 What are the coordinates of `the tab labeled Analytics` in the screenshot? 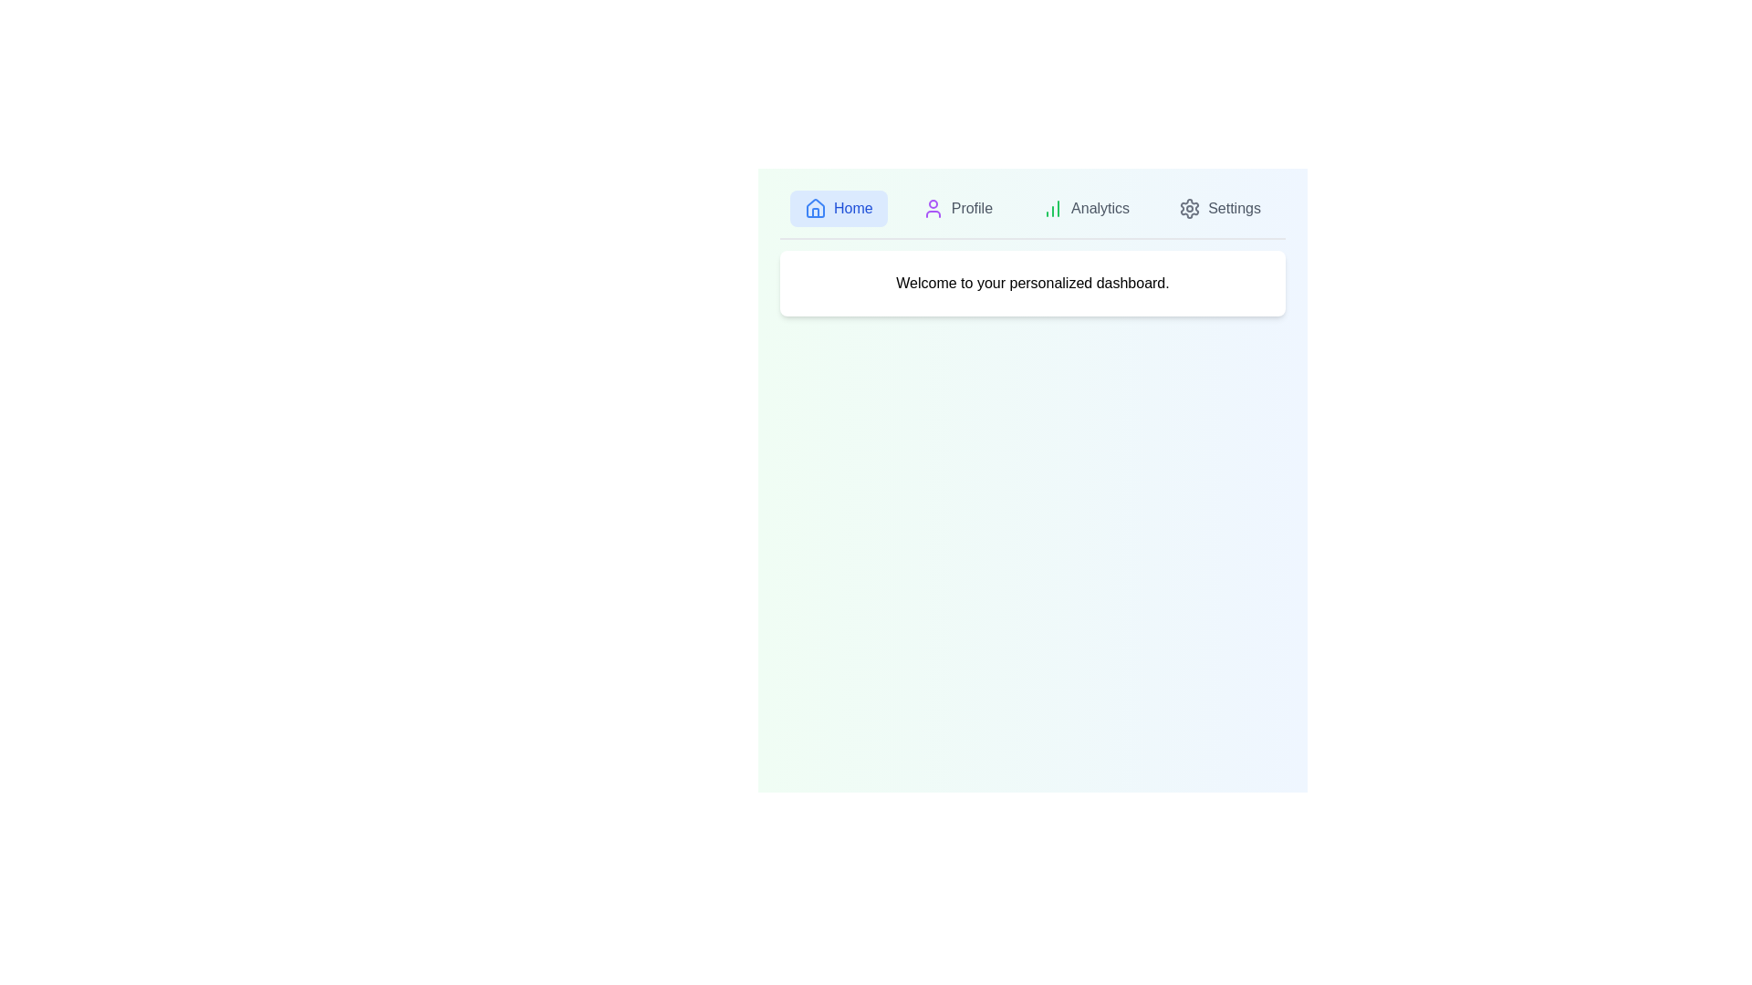 It's located at (1086, 207).